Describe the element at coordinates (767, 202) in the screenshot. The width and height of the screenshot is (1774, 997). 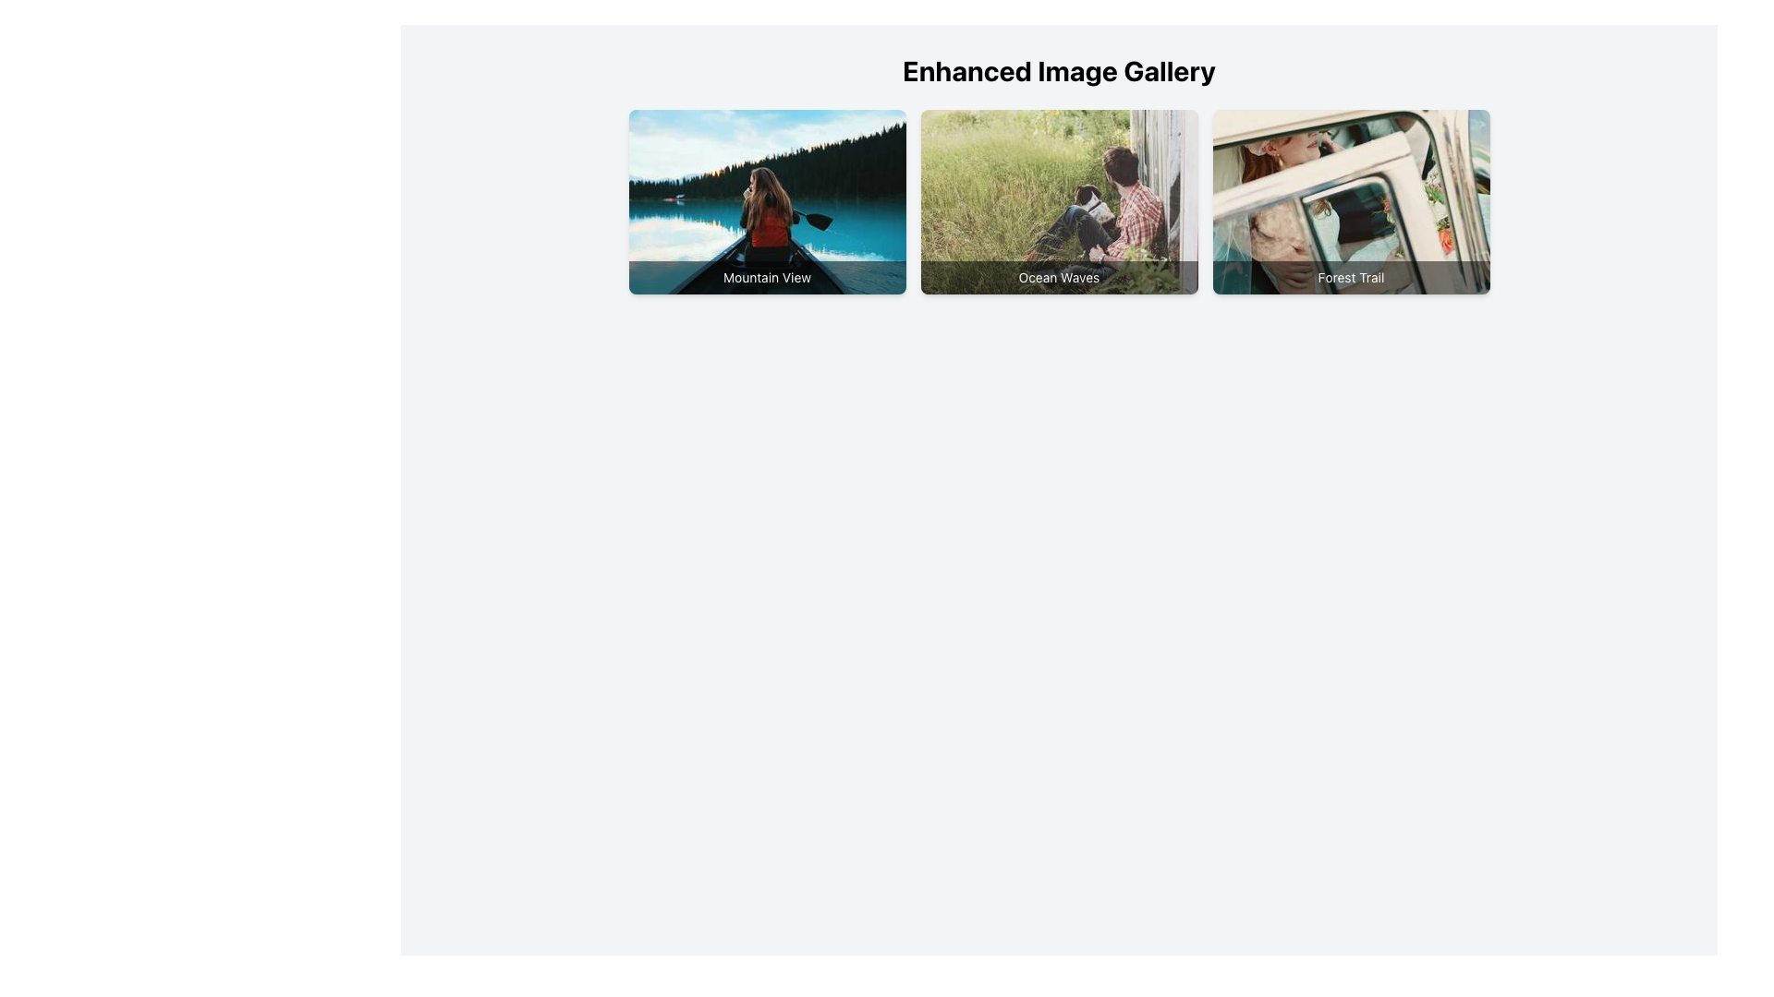
I see `the Interactive media card labeled 'Mountain View' which is the leftmost card in the grid under the header 'Enhanced Image Gallery'` at that location.